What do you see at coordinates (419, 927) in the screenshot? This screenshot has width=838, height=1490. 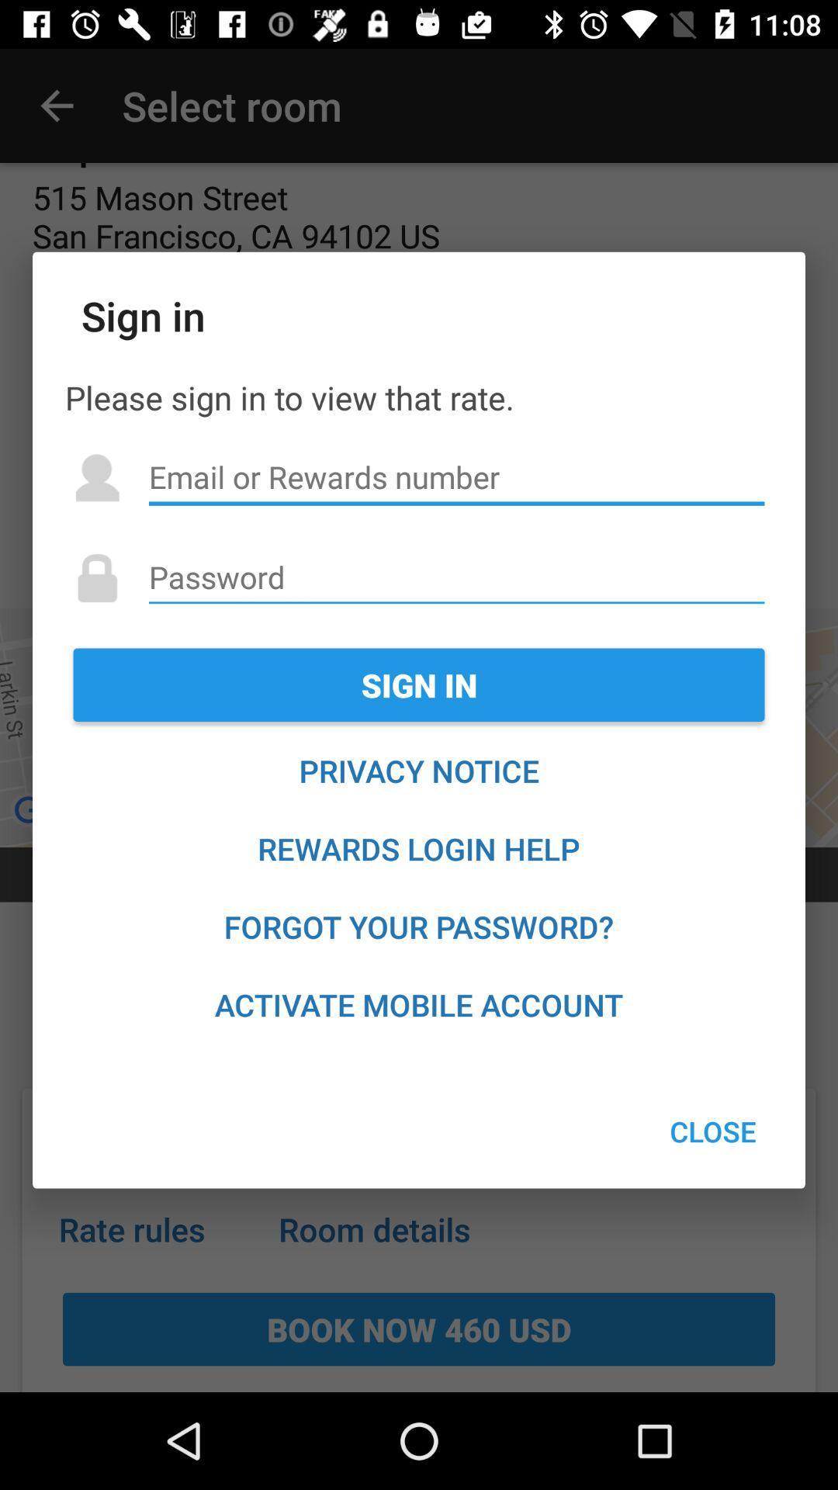 I see `the item above the activate mobile account` at bounding box center [419, 927].